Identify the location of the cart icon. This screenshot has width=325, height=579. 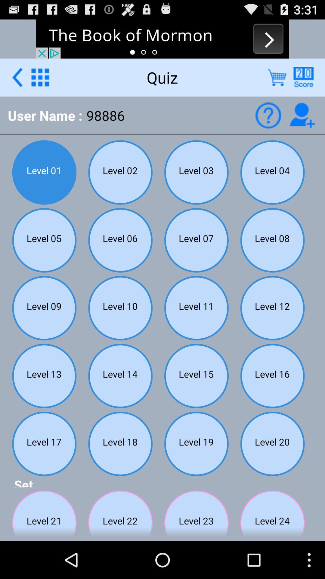
(277, 82).